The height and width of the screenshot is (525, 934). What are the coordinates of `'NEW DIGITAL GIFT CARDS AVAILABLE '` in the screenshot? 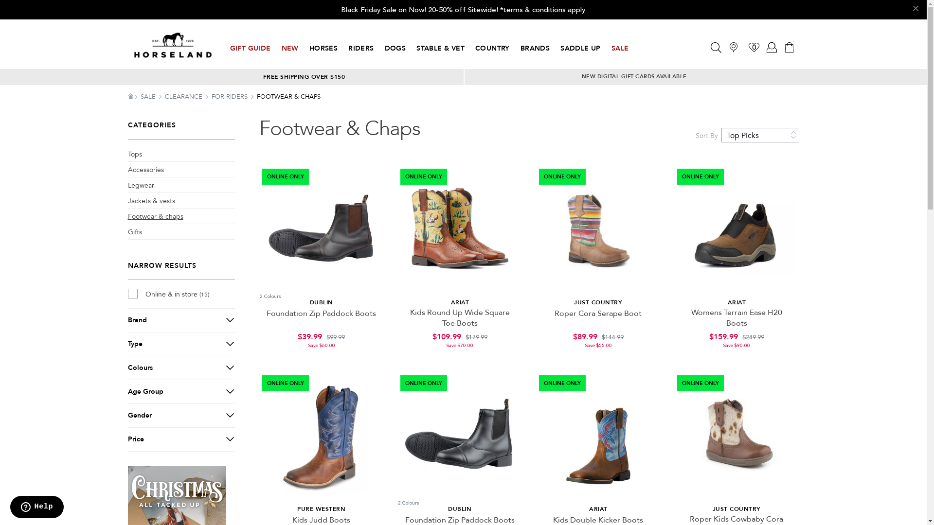 It's located at (635, 76).